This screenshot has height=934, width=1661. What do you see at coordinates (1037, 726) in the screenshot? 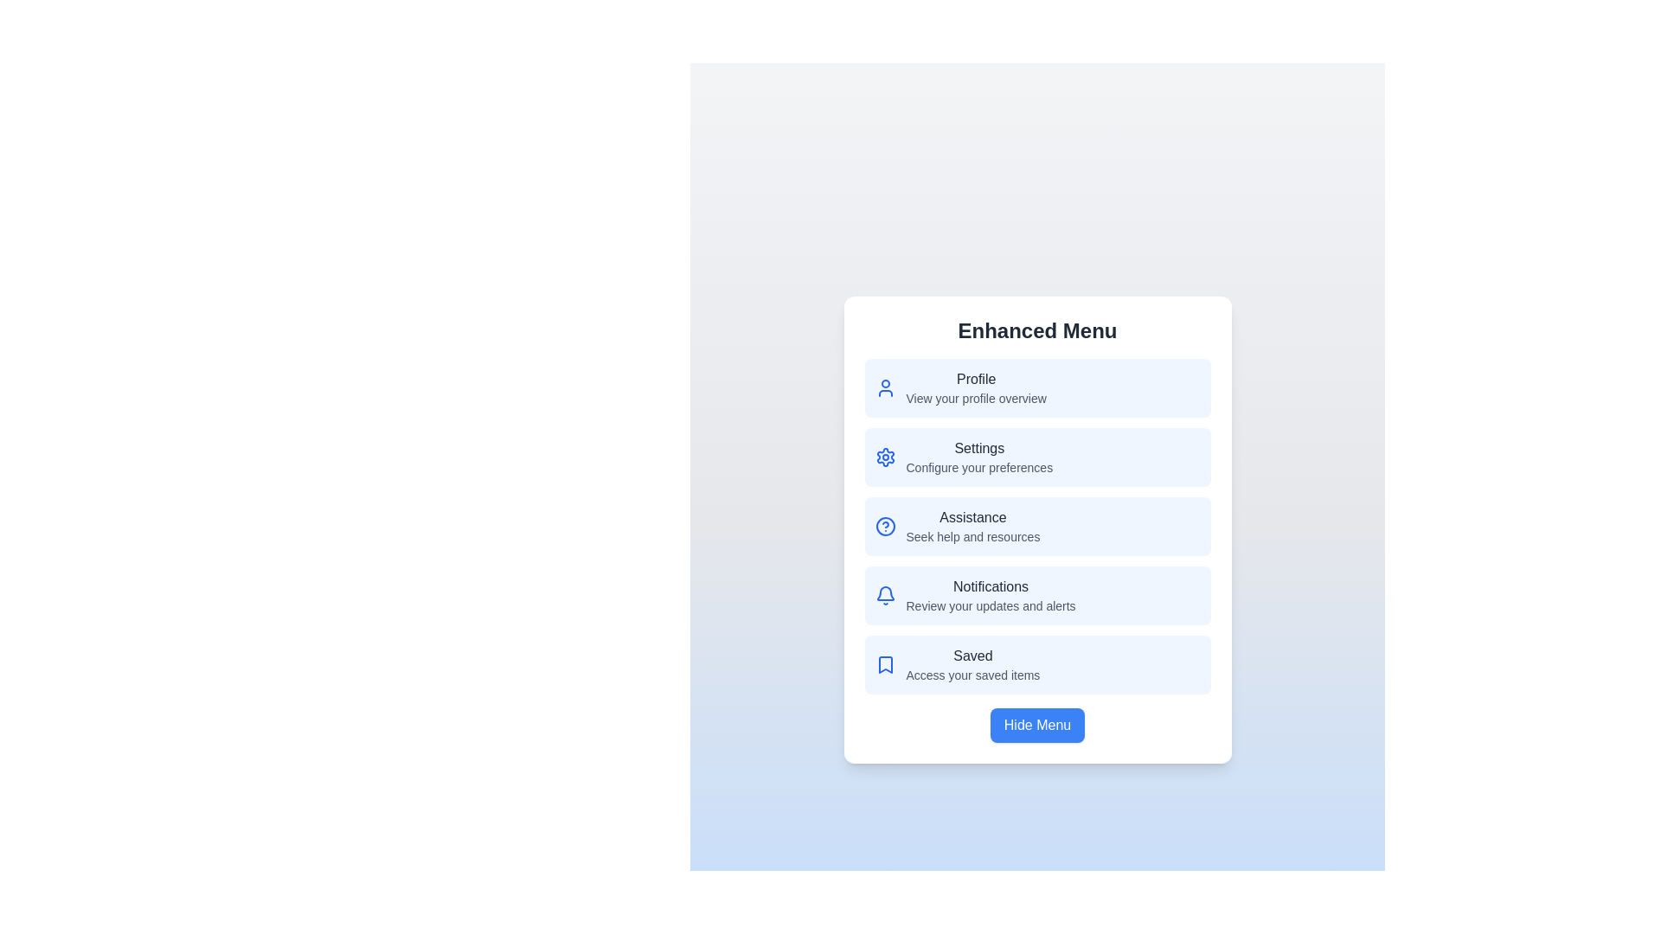
I see `the 'Hide Menu' button to toggle the menu visibility` at bounding box center [1037, 726].